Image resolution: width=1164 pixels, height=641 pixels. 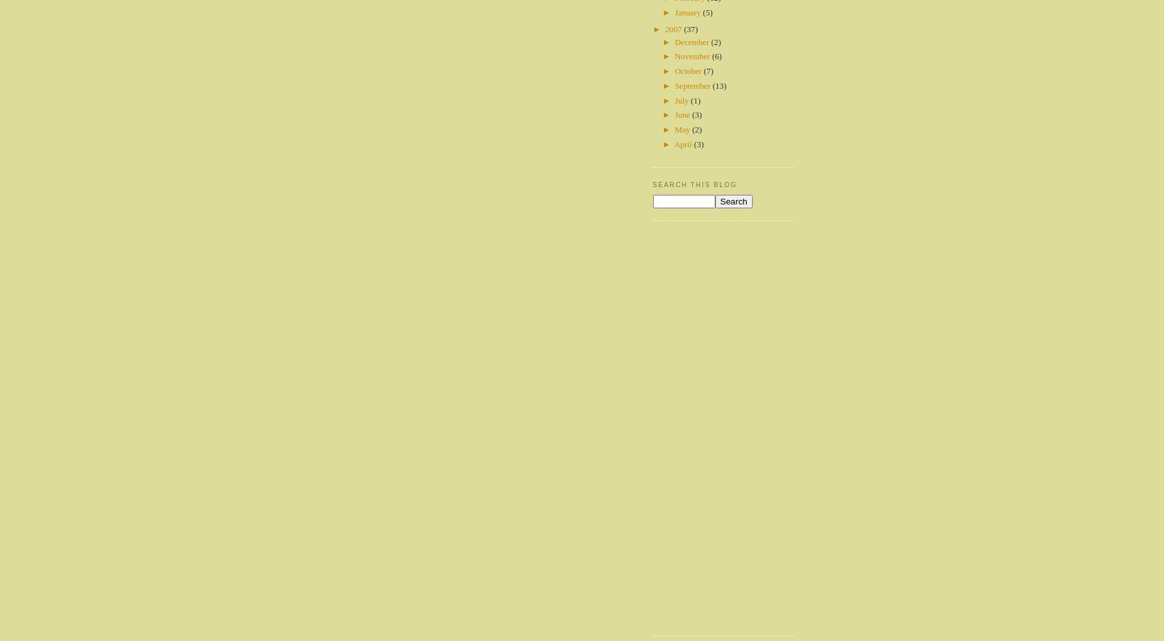 What do you see at coordinates (688, 12) in the screenshot?
I see `'January'` at bounding box center [688, 12].